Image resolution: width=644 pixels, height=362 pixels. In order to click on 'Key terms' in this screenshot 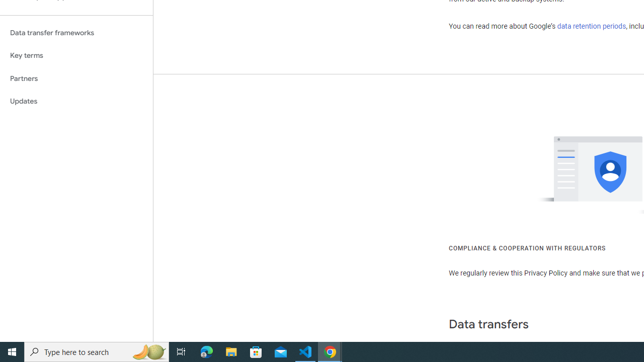, I will do `click(76, 55)`.